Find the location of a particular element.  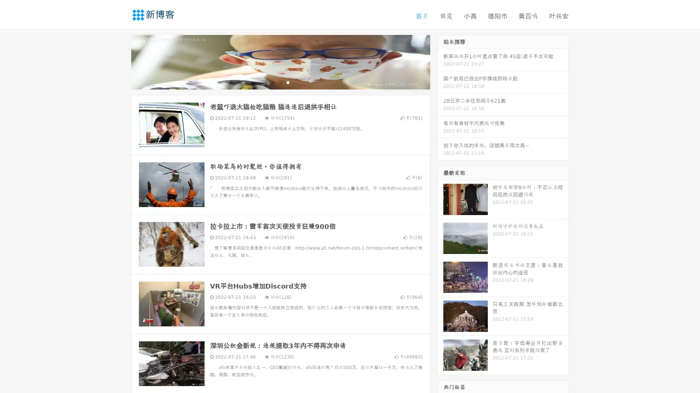

Go to slide 2 is located at coordinates (280, 82).